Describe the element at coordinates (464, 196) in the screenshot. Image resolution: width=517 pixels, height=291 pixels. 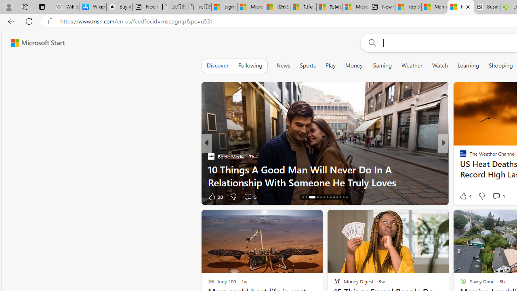
I see `'38 Like'` at that location.